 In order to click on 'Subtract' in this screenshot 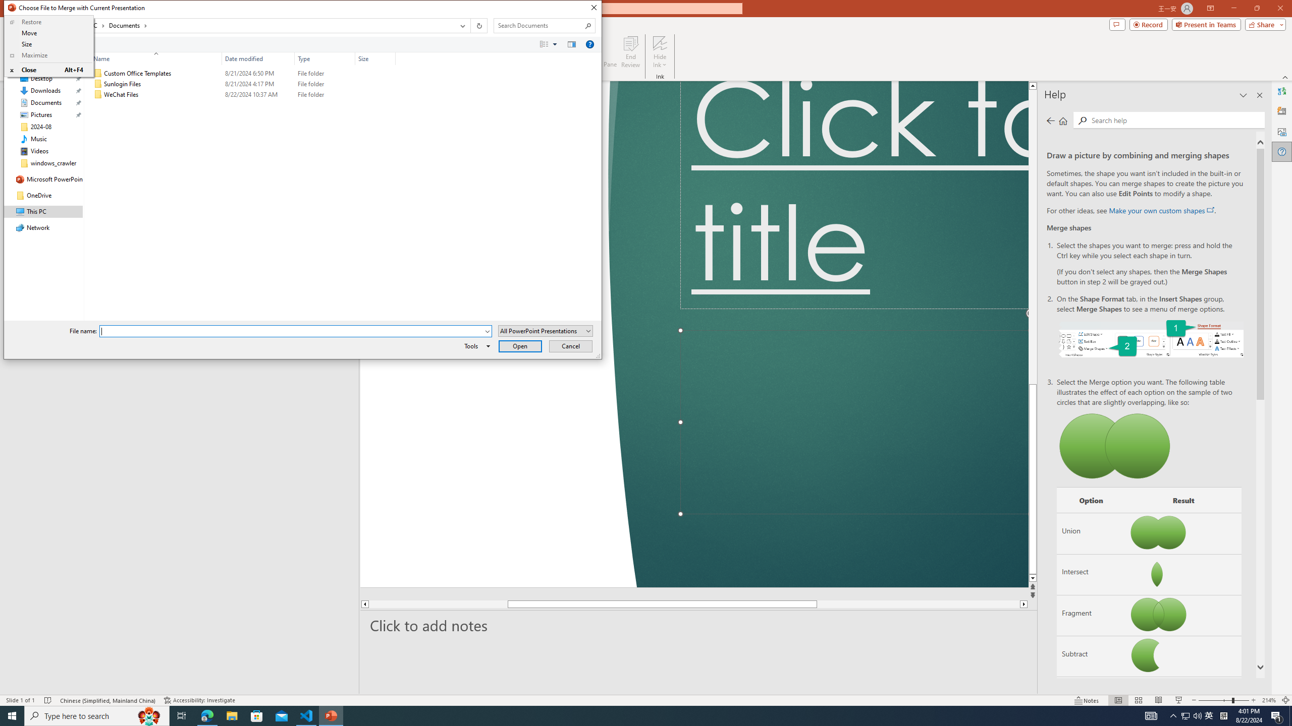, I will do `click(1090, 656)`.